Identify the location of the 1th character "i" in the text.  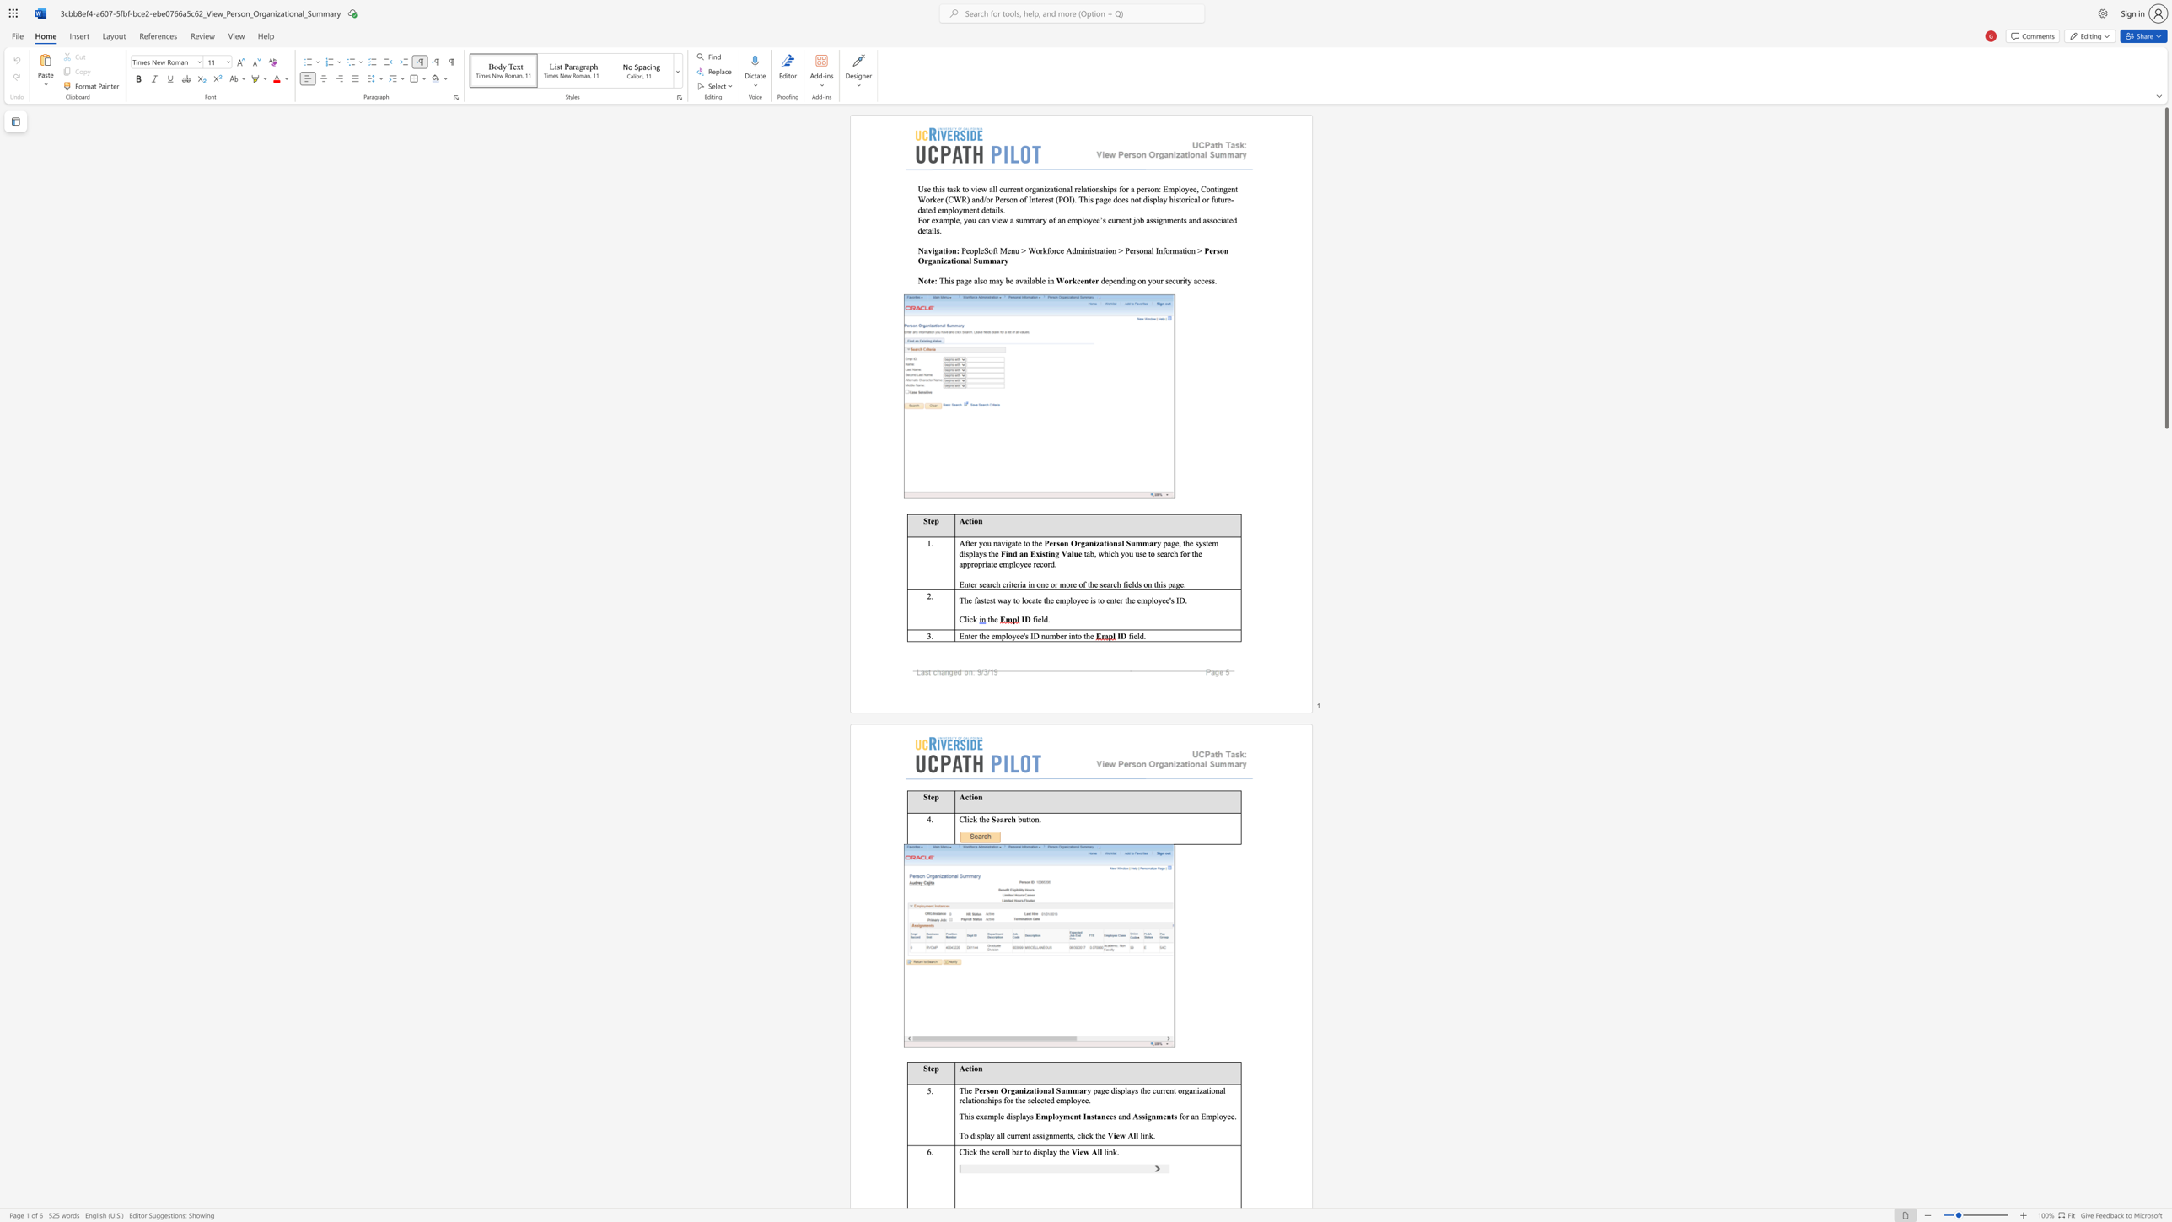
(933, 250).